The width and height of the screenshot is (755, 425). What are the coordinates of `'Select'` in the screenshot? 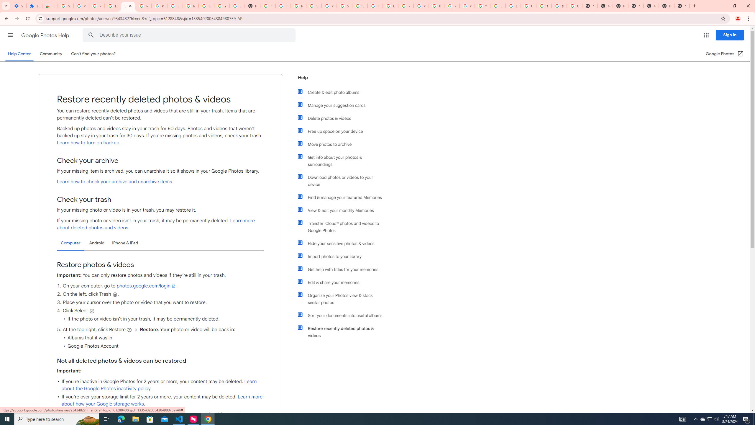 It's located at (91, 311).